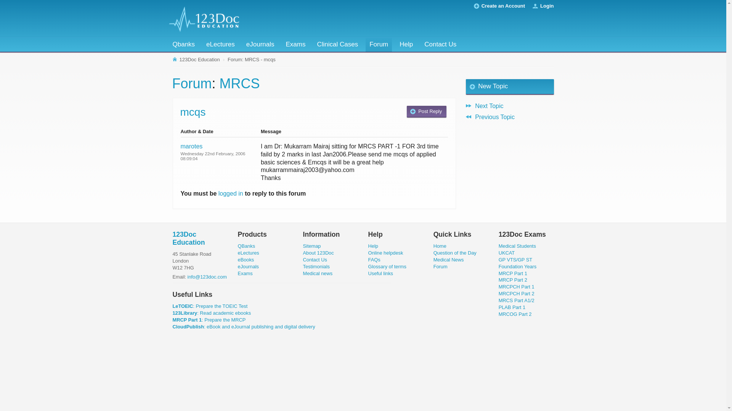 The width and height of the screenshot is (732, 411). What do you see at coordinates (226, 59) in the screenshot?
I see `'Forum: MRCS - mcqs'` at bounding box center [226, 59].